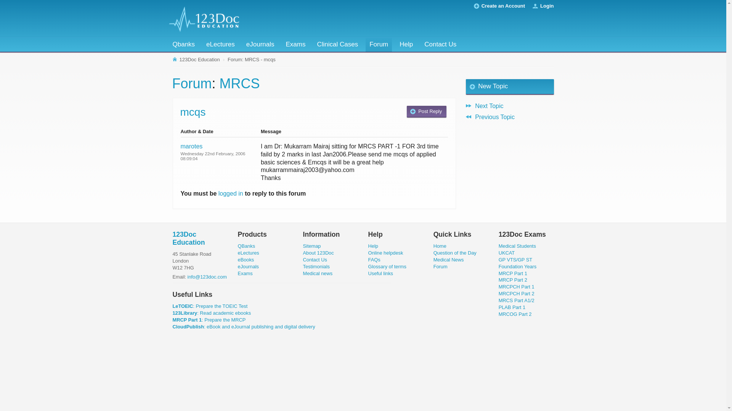 The width and height of the screenshot is (732, 411). What do you see at coordinates (226, 59) in the screenshot?
I see `'Forum: MRCS - mcqs'` at bounding box center [226, 59].